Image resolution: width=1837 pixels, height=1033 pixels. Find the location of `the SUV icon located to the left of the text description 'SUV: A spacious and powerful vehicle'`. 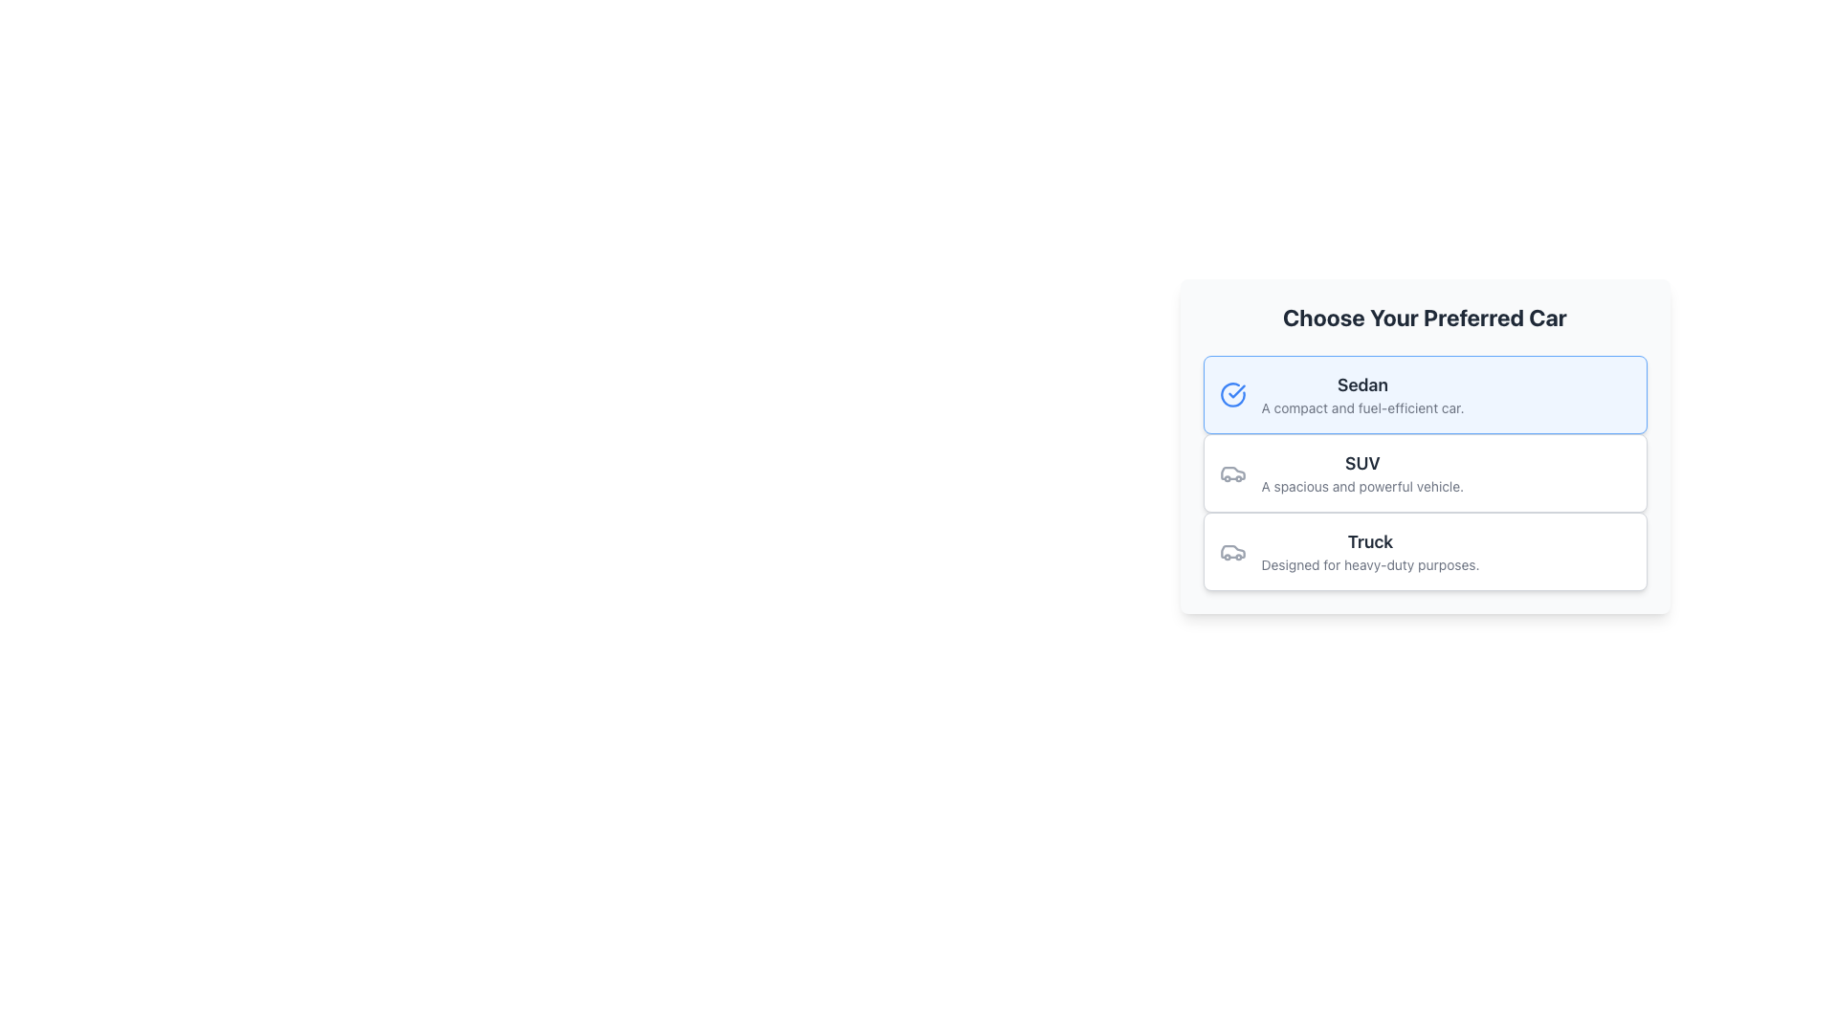

the SUV icon located to the left of the text description 'SUV: A spacious and powerful vehicle' is located at coordinates (1232, 473).